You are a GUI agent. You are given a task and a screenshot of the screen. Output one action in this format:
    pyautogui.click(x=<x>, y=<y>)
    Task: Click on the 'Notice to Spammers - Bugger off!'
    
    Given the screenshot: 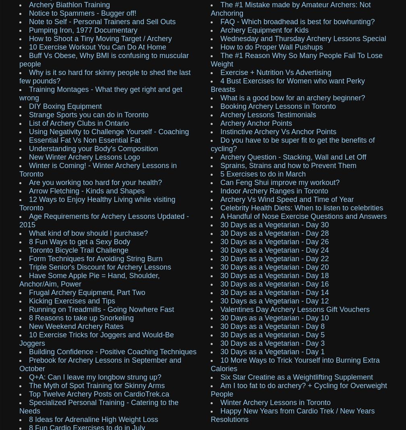 What is the action you would take?
    pyautogui.click(x=83, y=12)
    